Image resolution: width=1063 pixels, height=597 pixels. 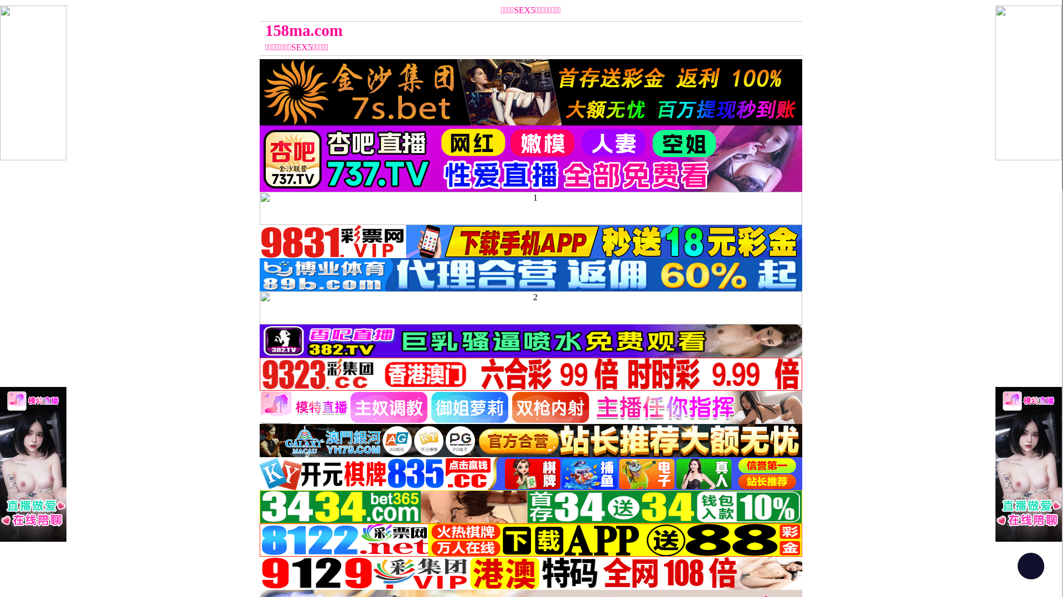 What do you see at coordinates (463, 30) in the screenshot?
I see `'158ma.com'` at bounding box center [463, 30].